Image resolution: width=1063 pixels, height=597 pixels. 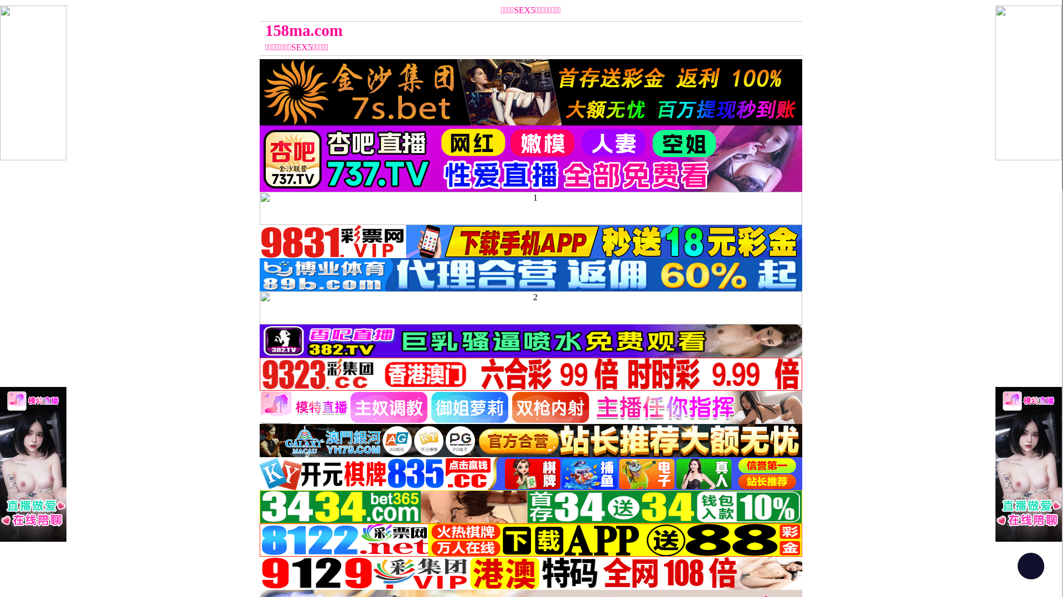 What do you see at coordinates (463, 30) in the screenshot?
I see `'158ma.com'` at bounding box center [463, 30].